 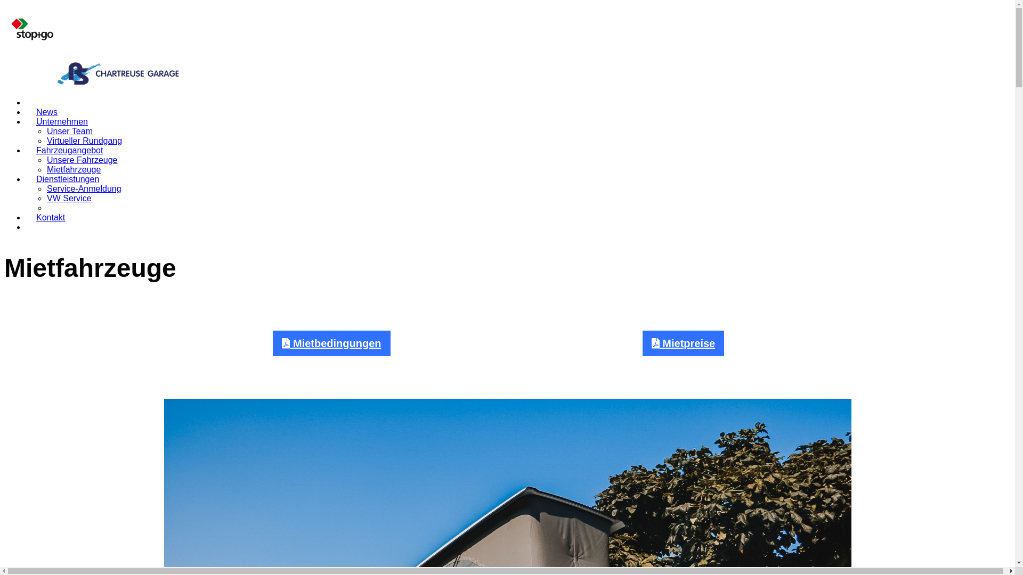 I want to click on 'Mietpreise', so click(x=683, y=343).